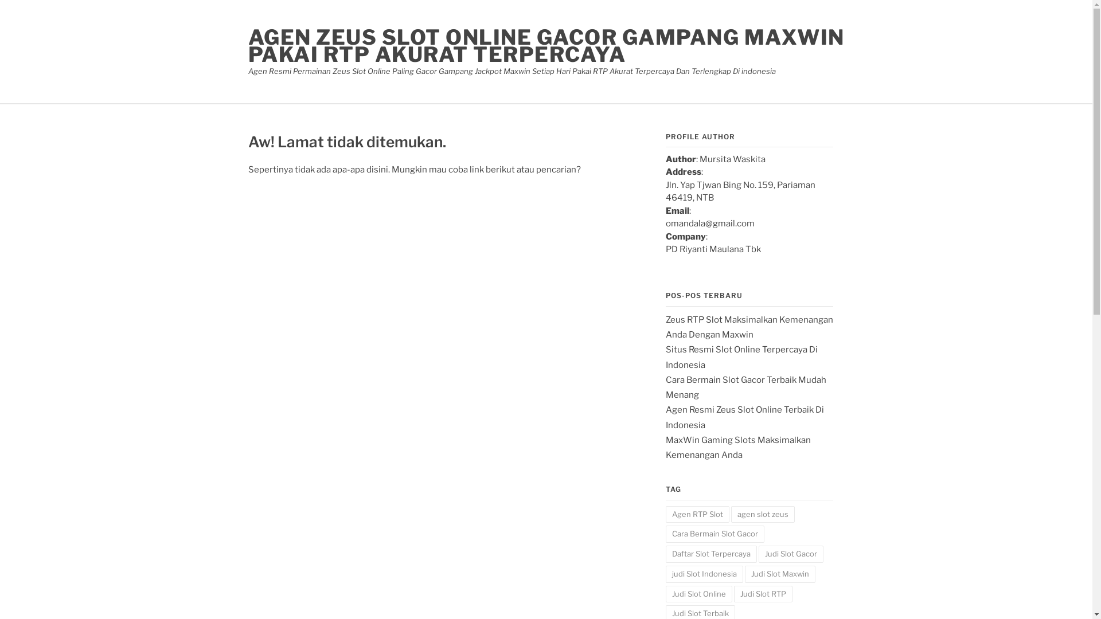 The width and height of the screenshot is (1101, 619). What do you see at coordinates (737, 446) in the screenshot?
I see `'MaxWin Gaming Slots Maksimalkan Kemenangan Anda'` at bounding box center [737, 446].